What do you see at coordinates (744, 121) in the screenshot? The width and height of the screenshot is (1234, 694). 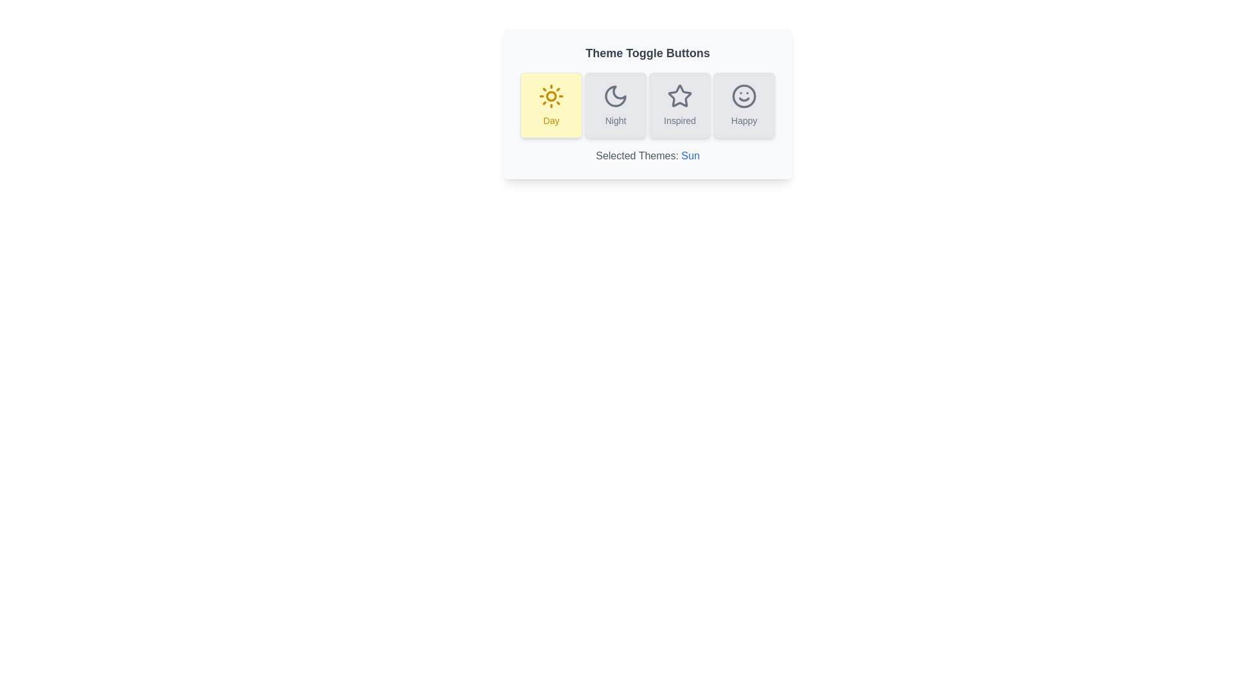 I see `the text label displaying 'Happy' that is located below the smiley face icon in the mood button section` at bounding box center [744, 121].